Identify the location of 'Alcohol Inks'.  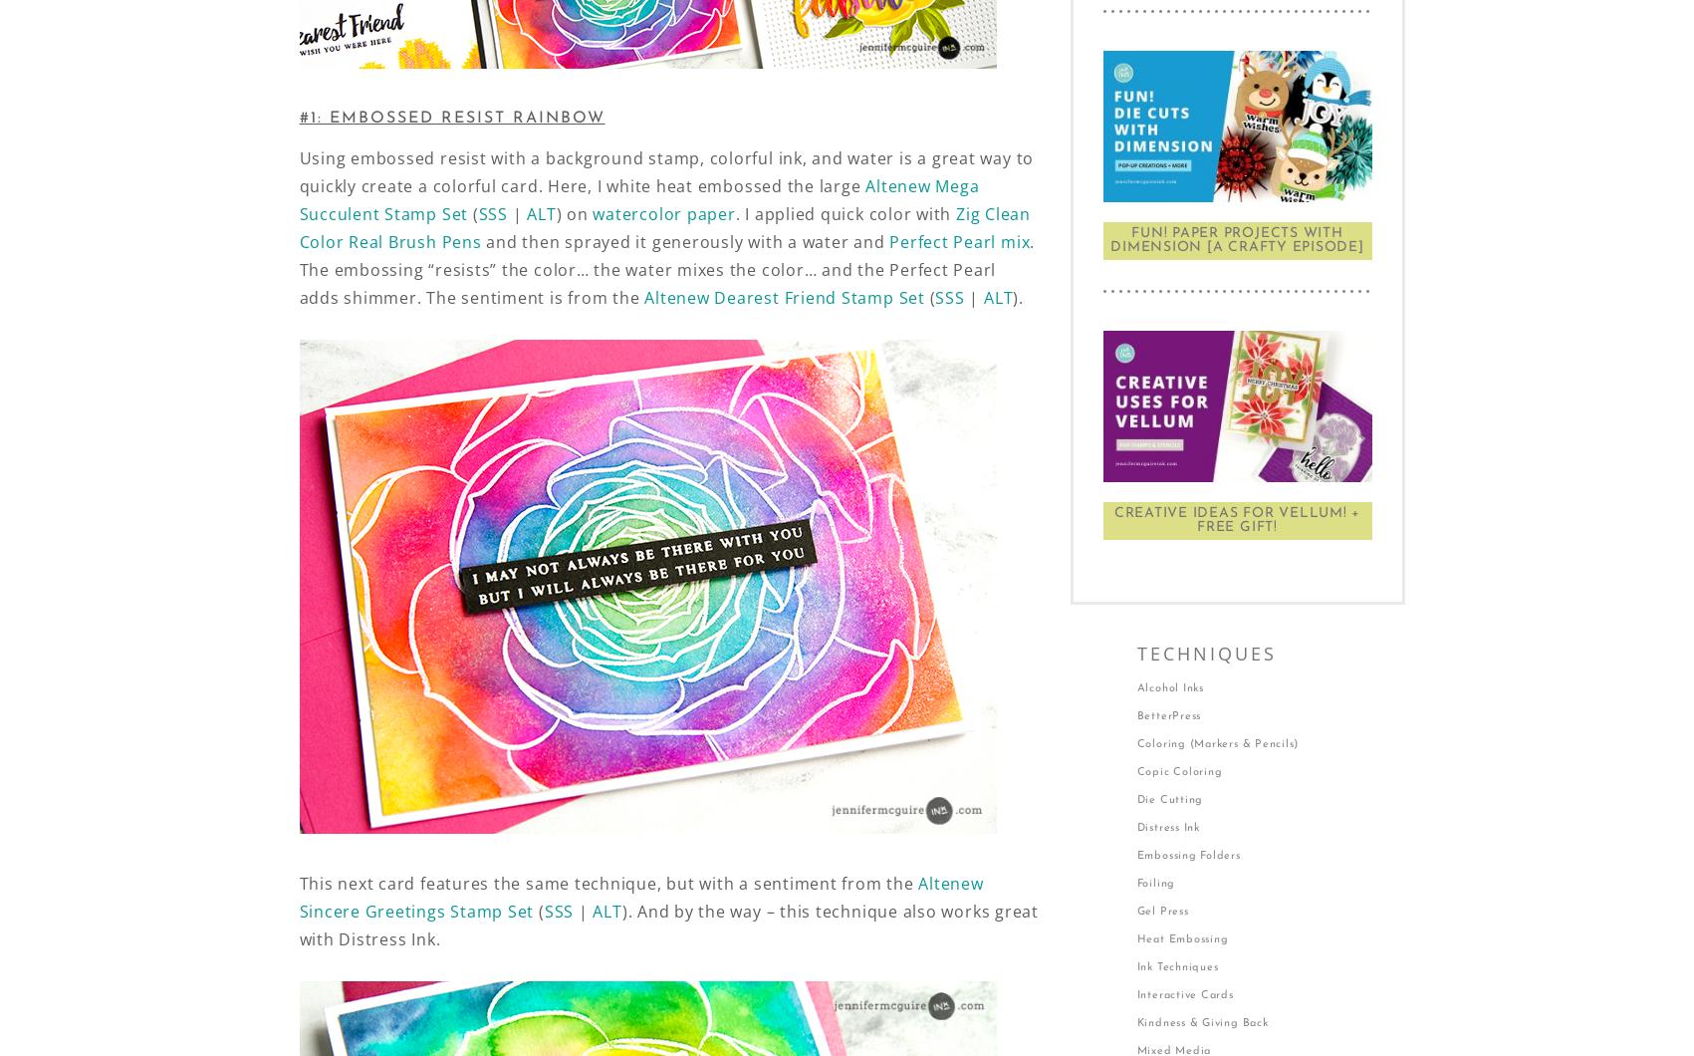
(1168, 687).